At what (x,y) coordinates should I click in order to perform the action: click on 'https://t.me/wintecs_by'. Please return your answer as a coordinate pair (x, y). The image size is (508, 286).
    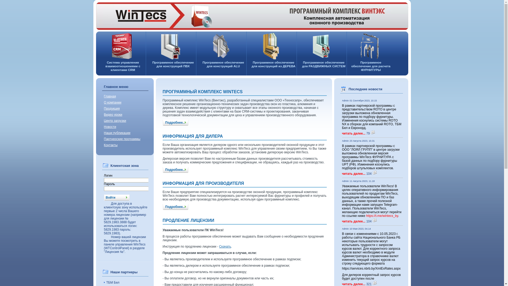
    Looking at the image, I should click on (382, 216).